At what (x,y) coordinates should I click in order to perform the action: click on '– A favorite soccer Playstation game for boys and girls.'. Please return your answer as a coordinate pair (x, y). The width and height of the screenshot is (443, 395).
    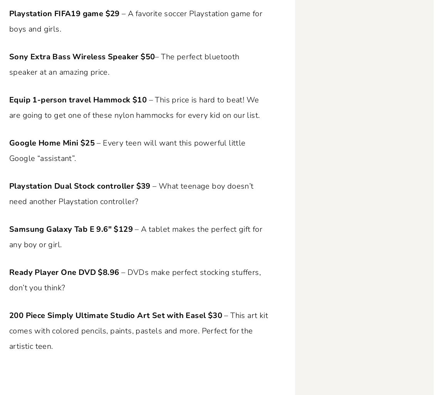
    Looking at the image, I should click on (136, 21).